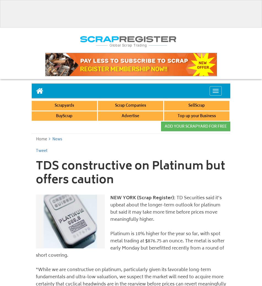 The image size is (262, 286). What do you see at coordinates (130, 244) in the screenshot?
I see `'Platinum is 10% higher for the year so far, with spot metal trading at $876.75 an ounce. The metal is softer early Monday but benefitted recently from a round of short covering.'` at bounding box center [130, 244].